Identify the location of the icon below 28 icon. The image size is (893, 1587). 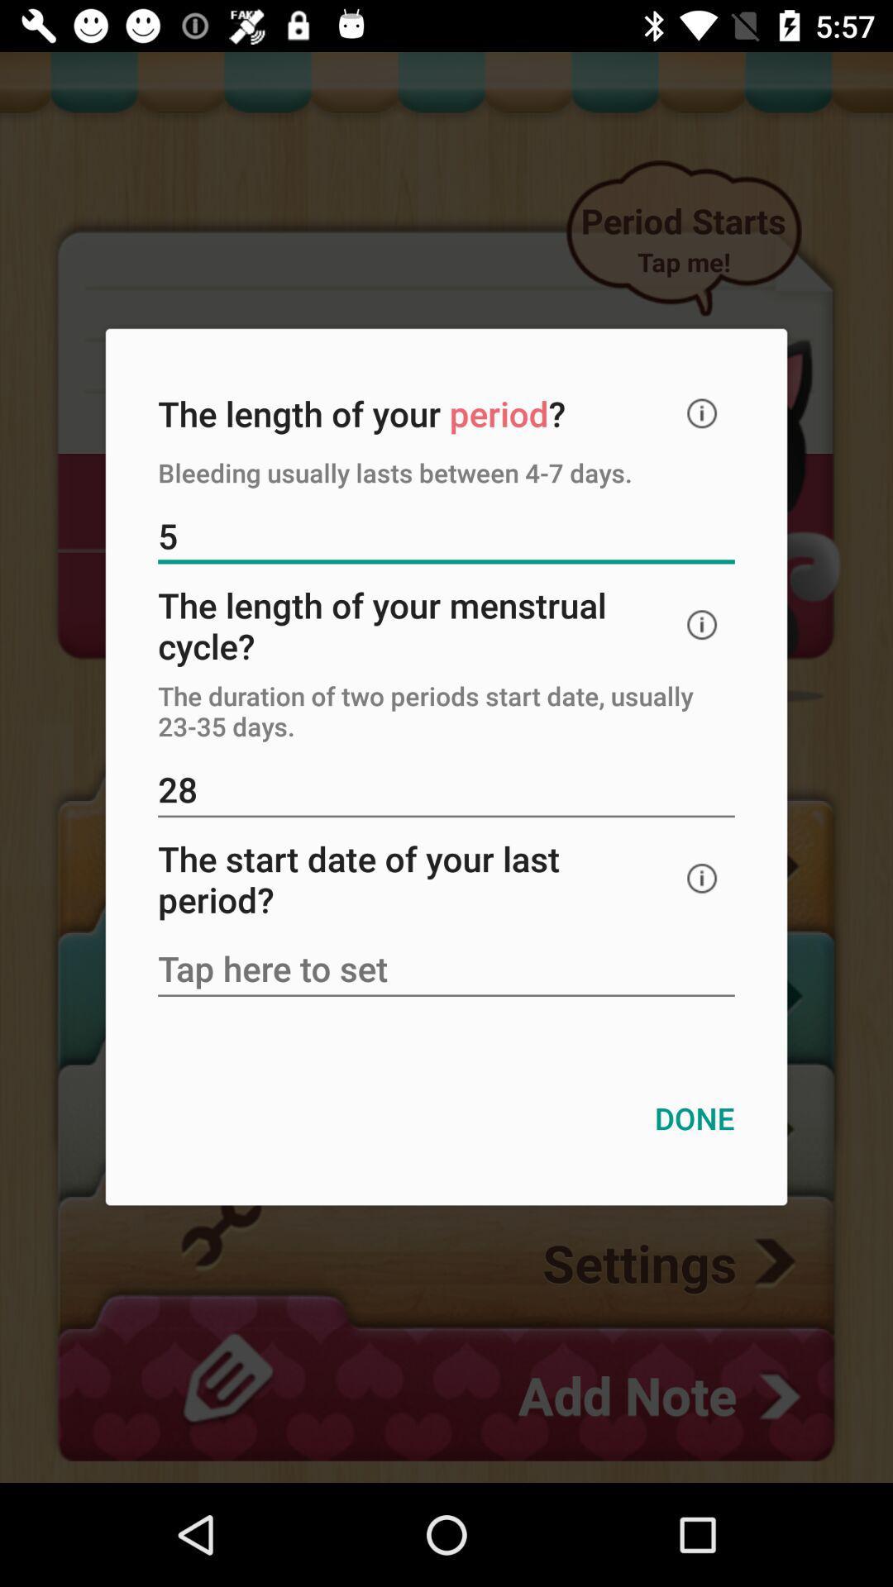
(702, 878).